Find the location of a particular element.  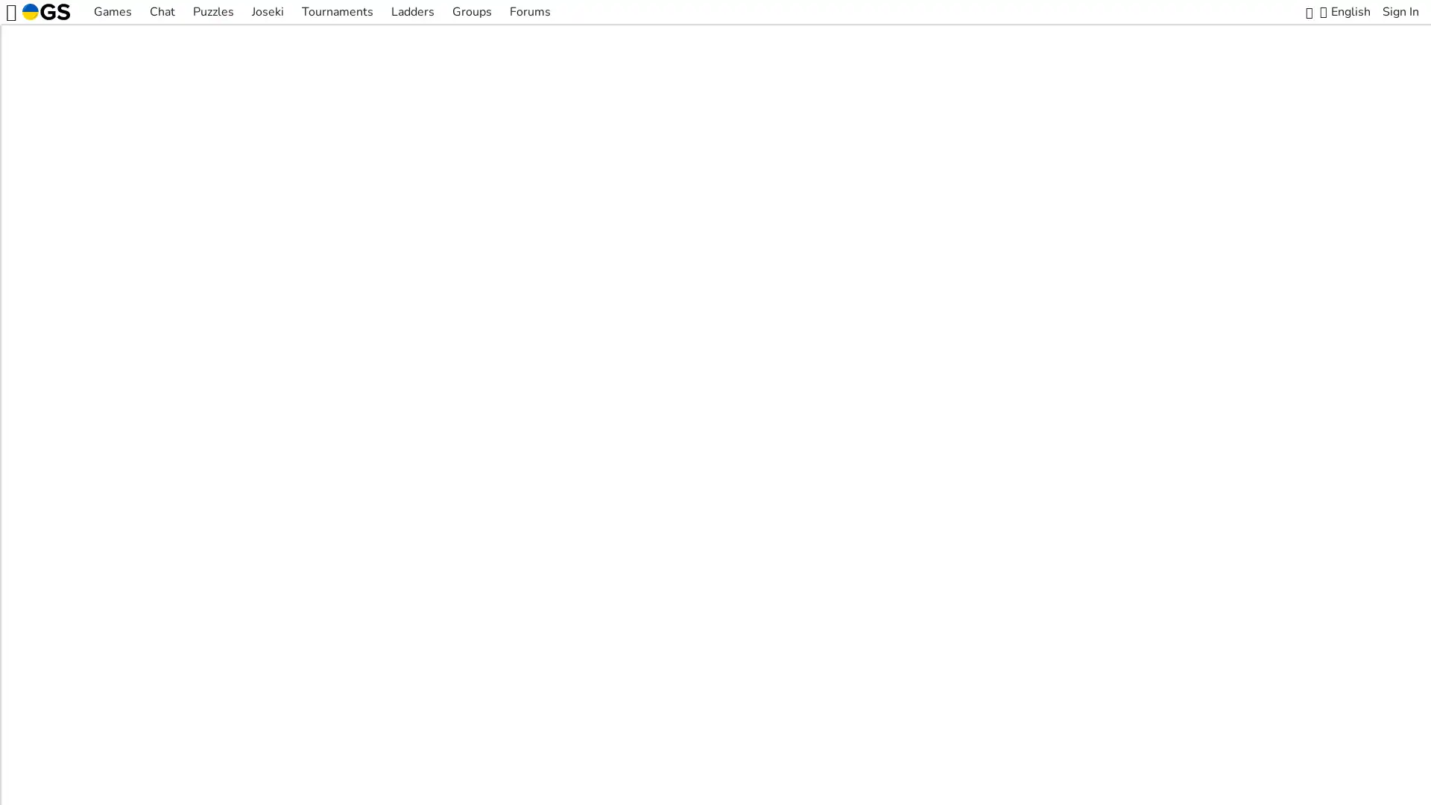

Unranked is located at coordinates (817, 588).